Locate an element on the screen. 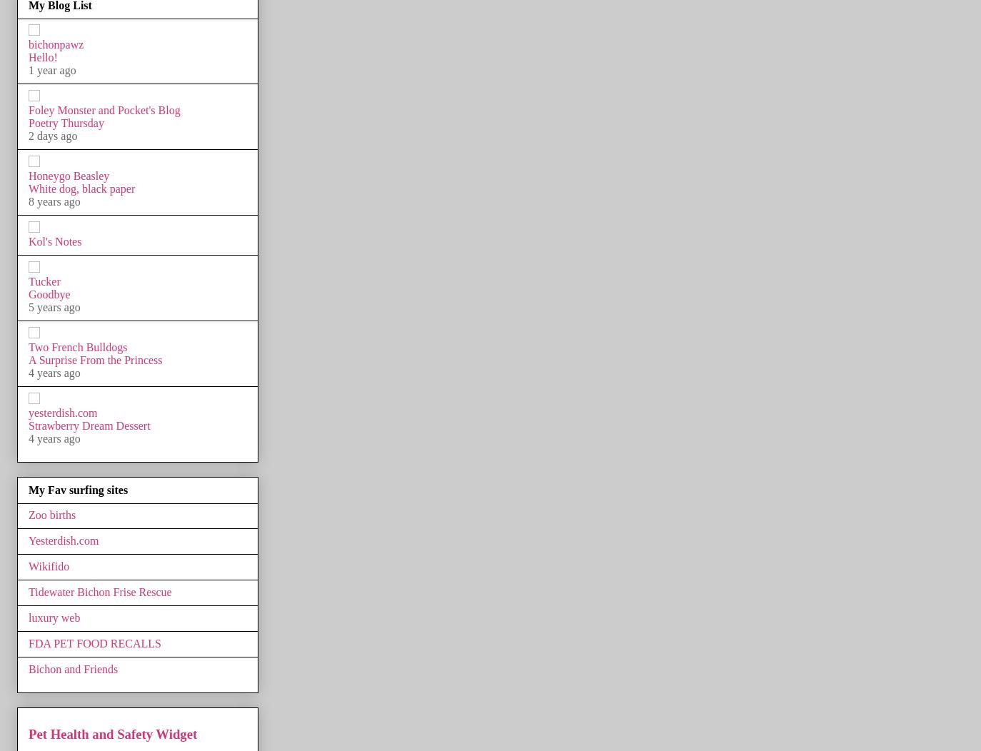 The image size is (981, 751). 'Bichon and Friends' is located at coordinates (72, 668).